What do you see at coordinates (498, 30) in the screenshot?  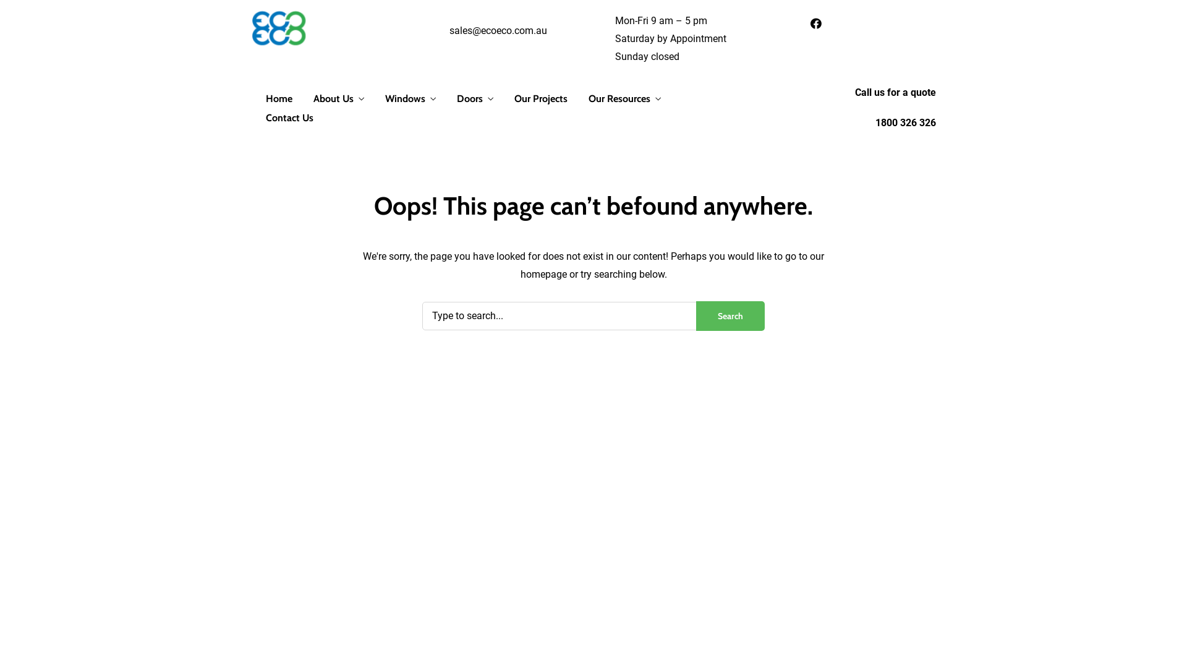 I see `'sales@ecoeco.com.au'` at bounding box center [498, 30].